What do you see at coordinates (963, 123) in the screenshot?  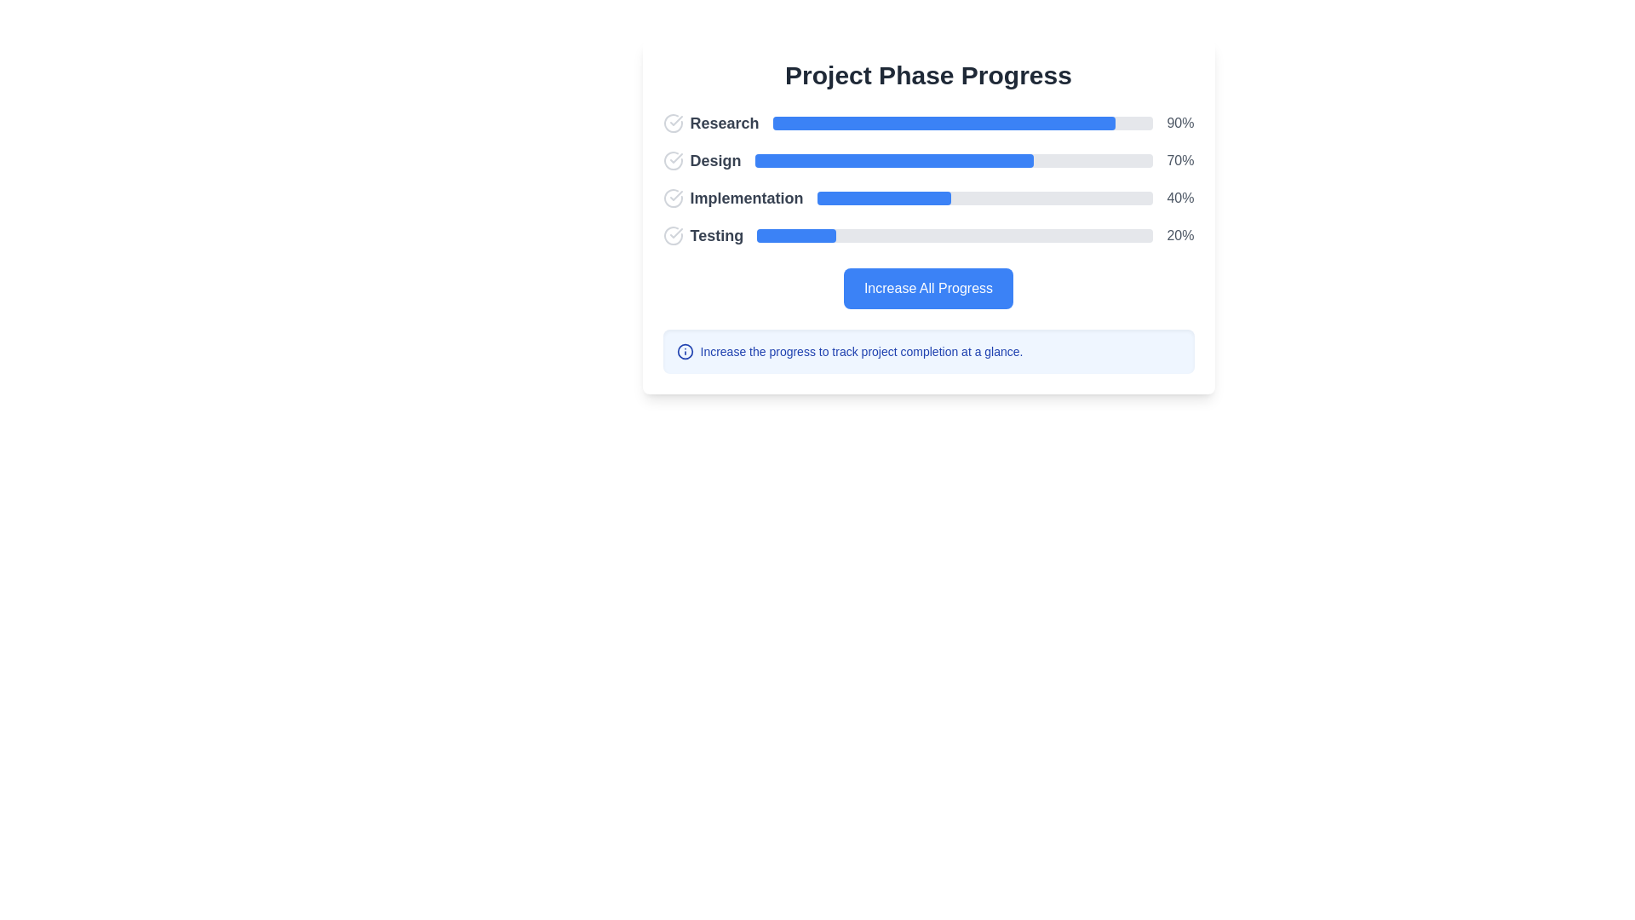 I see `the Progress bar indicating 90% completion for the 'Research' task in the 'Project Phase Progress' section` at bounding box center [963, 123].